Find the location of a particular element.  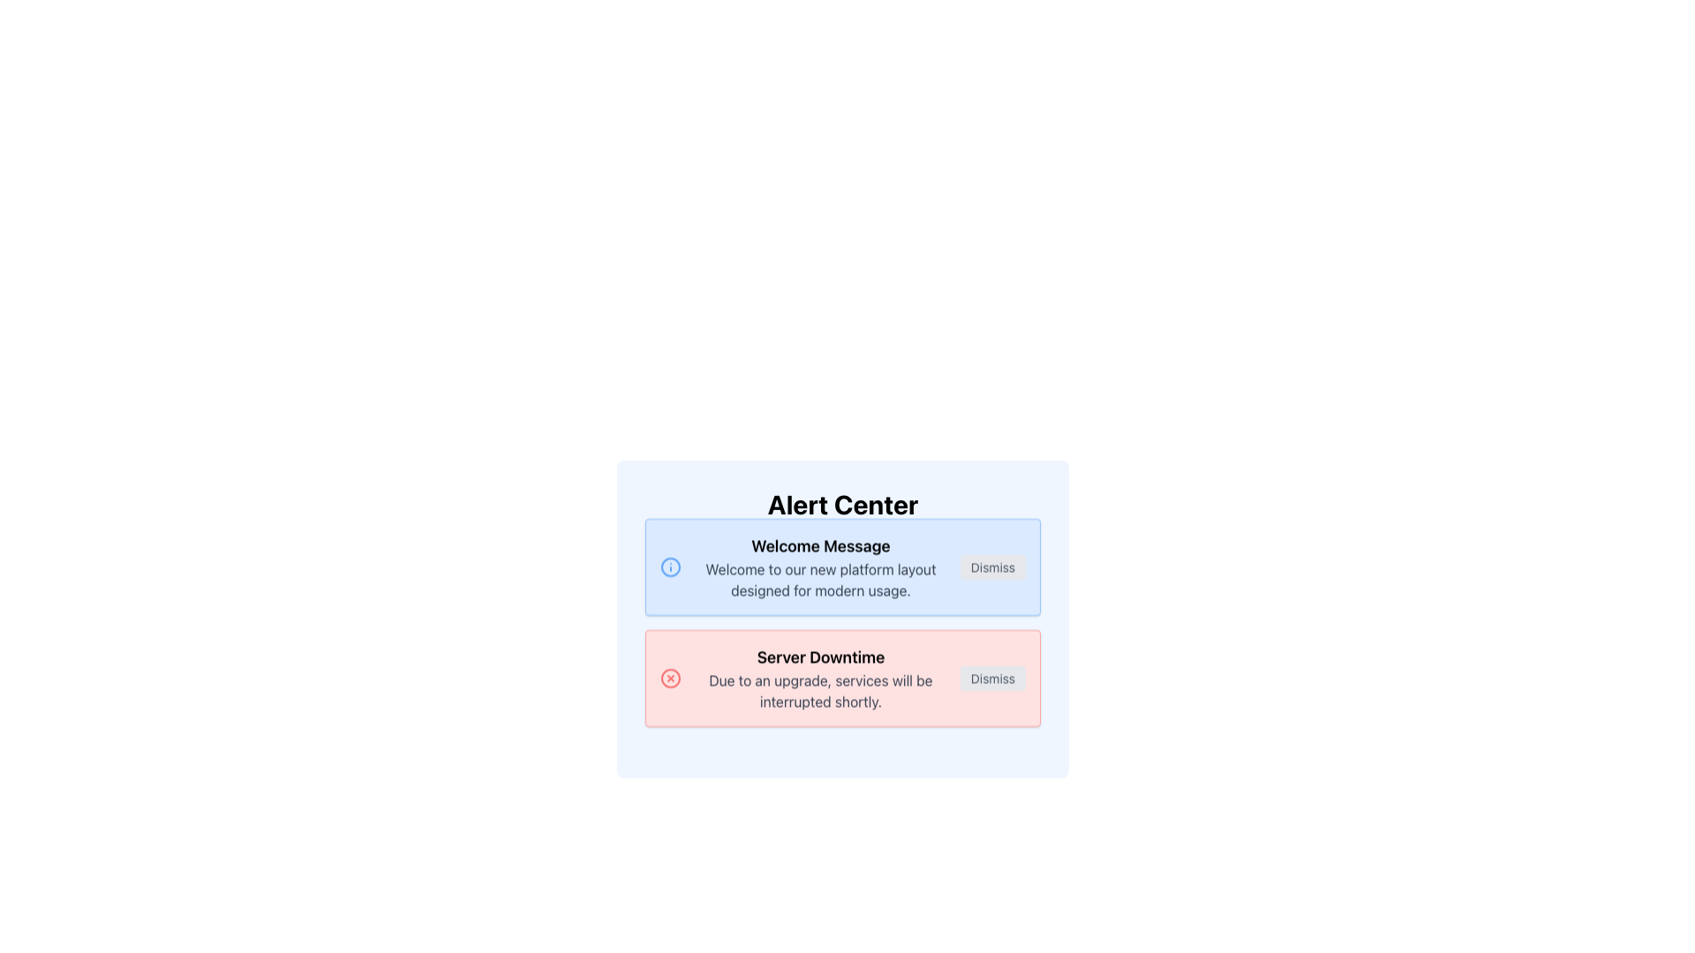

the dismiss button located in the bottom notification bar with a red background, positioned on the right-hand side of the 'Server Downtime' message is located at coordinates (992, 693).